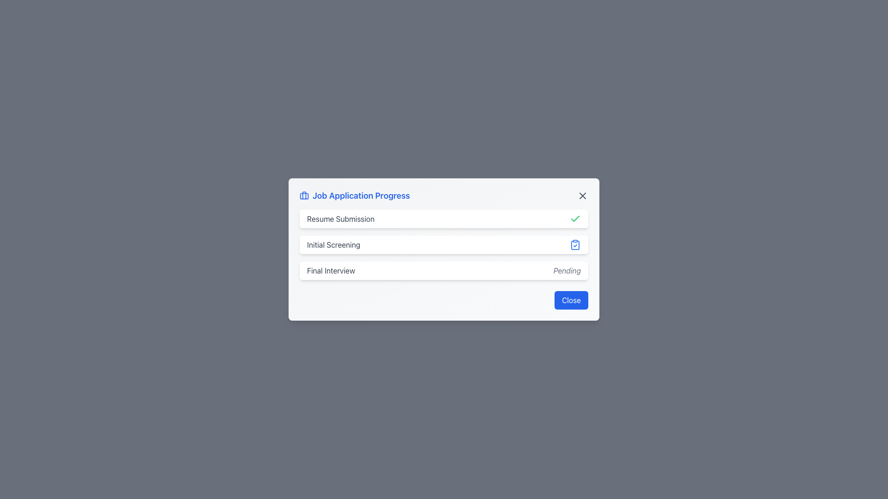 This screenshot has height=499, width=888. Describe the element at coordinates (567, 270) in the screenshot. I see `the visual status indicator text label located in the third row of the list-style interface, positioned to the far right of the 'Final Interview' text label` at that location.